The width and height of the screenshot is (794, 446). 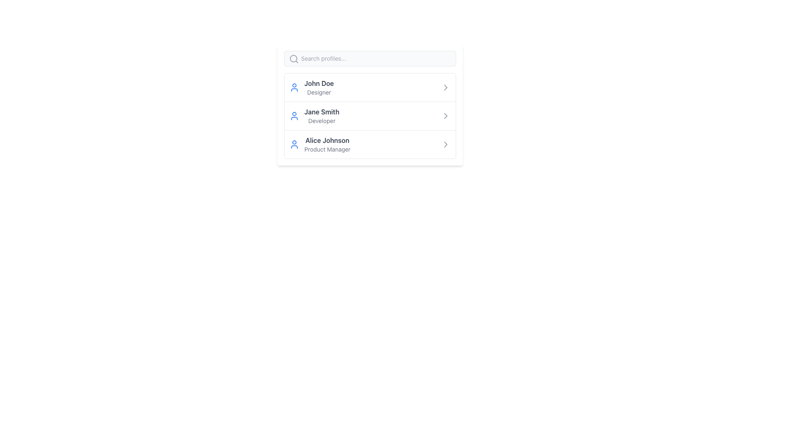 I want to click on the user profile block for 'Jane Smith, Developer', so click(x=314, y=116).